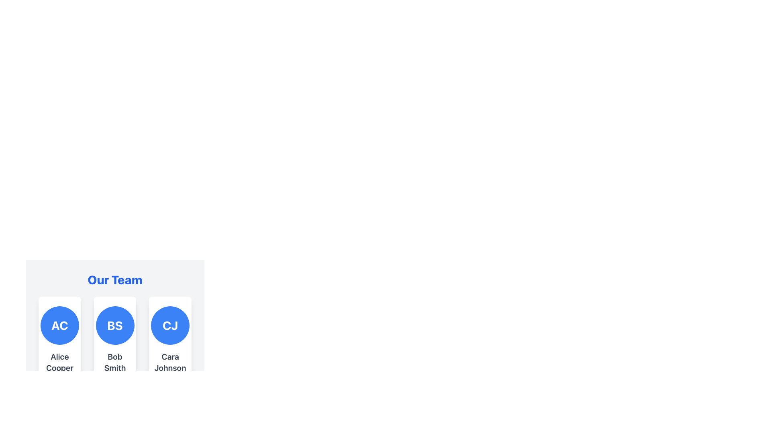 The image size is (771, 433). I want to click on the text element that identifies a team member by name, located directly under the circular avatar labeled 'AC' and positioned as the first line of text in the column, so click(59, 362).